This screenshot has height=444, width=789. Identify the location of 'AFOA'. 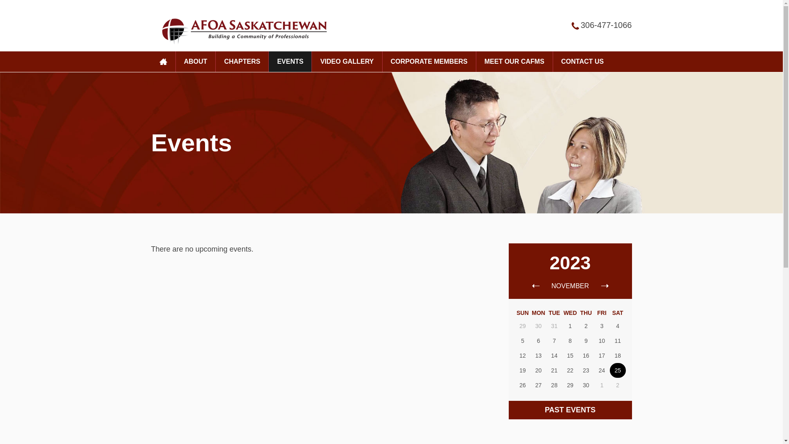
(242, 29).